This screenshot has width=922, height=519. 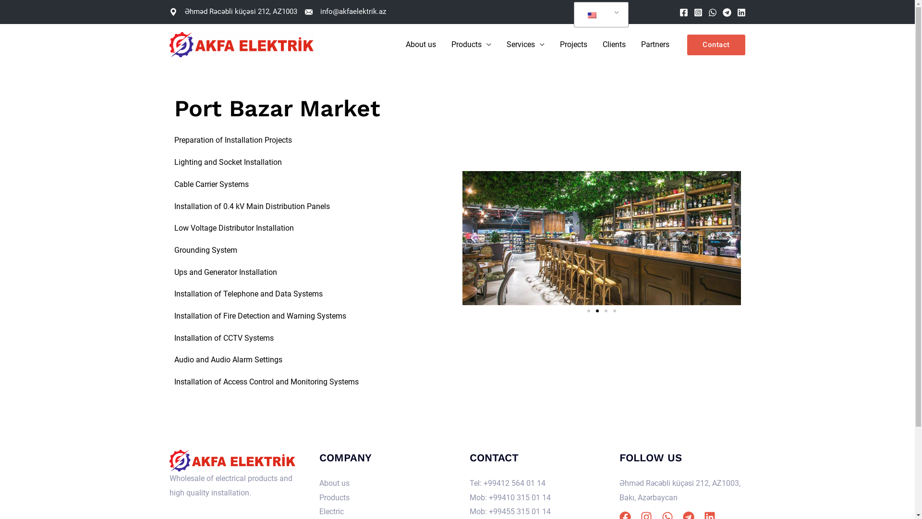 What do you see at coordinates (507, 483) in the screenshot?
I see `'Tel: +99412 564 01 14'` at bounding box center [507, 483].